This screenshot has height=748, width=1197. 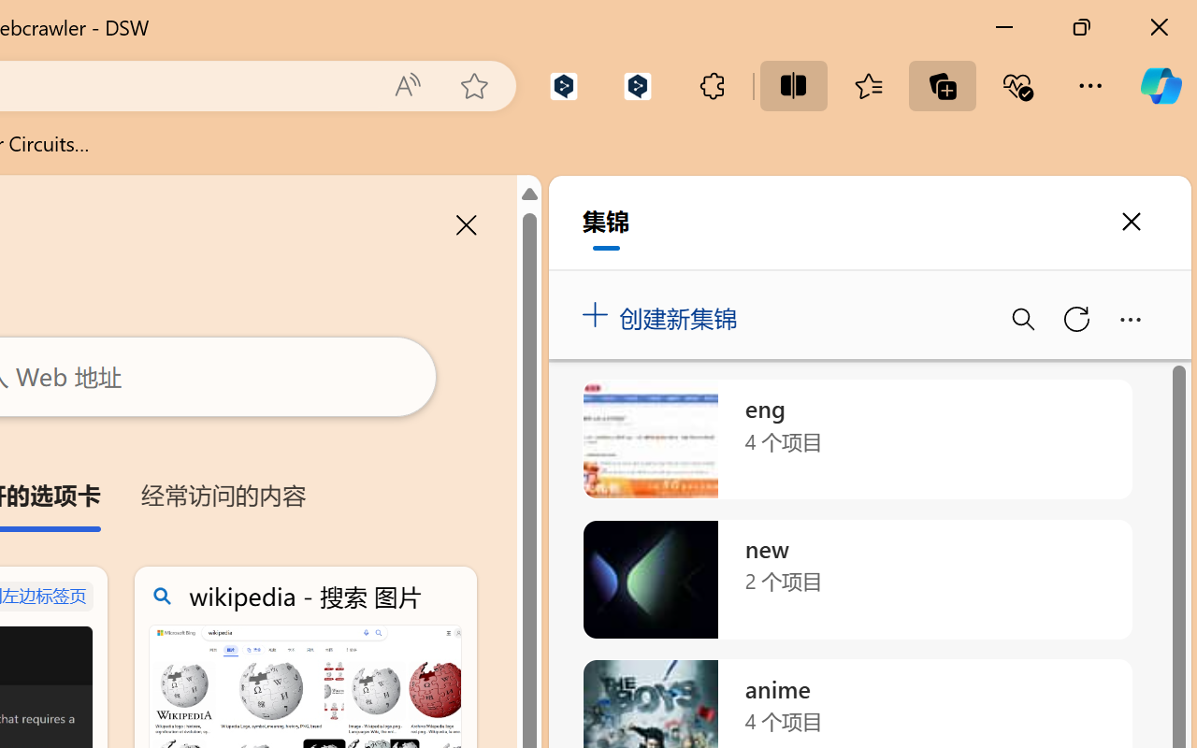 What do you see at coordinates (1160, 85) in the screenshot?
I see `'Copilot (Ctrl+Shift+.)'` at bounding box center [1160, 85].